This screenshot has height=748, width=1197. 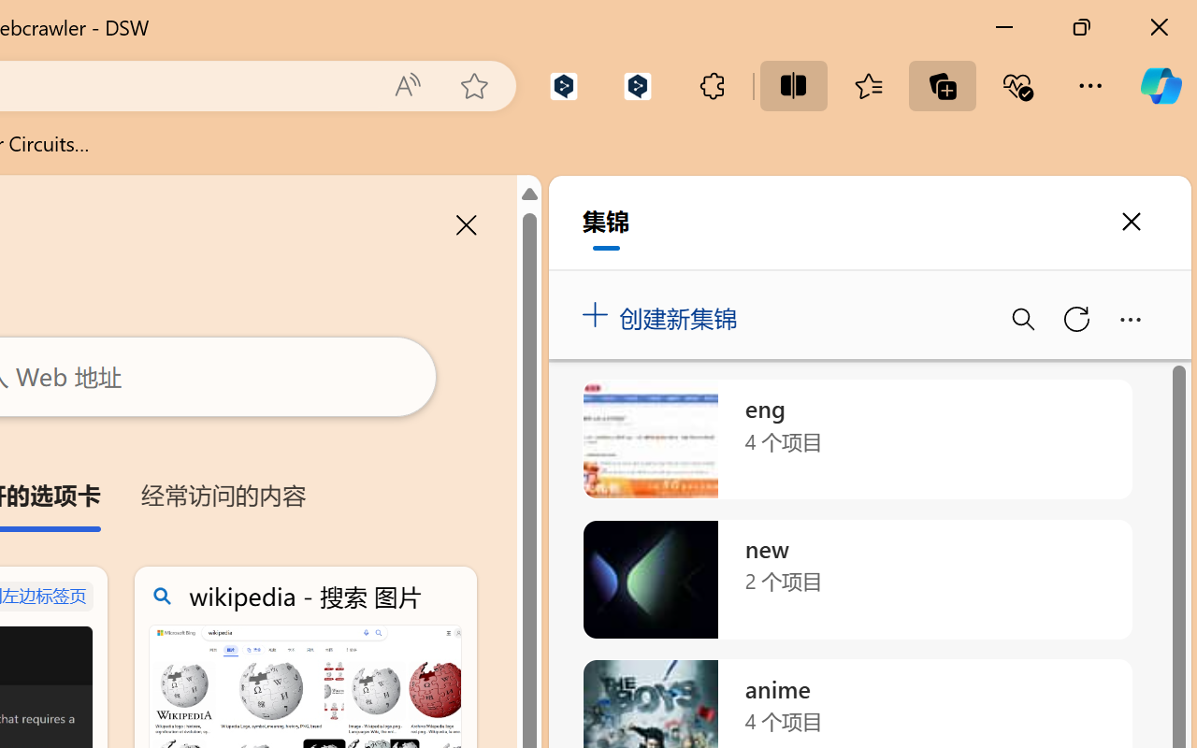 What do you see at coordinates (1160, 85) in the screenshot?
I see `'Copilot (Ctrl+Shift+.)'` at bounding box center [1160, 85].